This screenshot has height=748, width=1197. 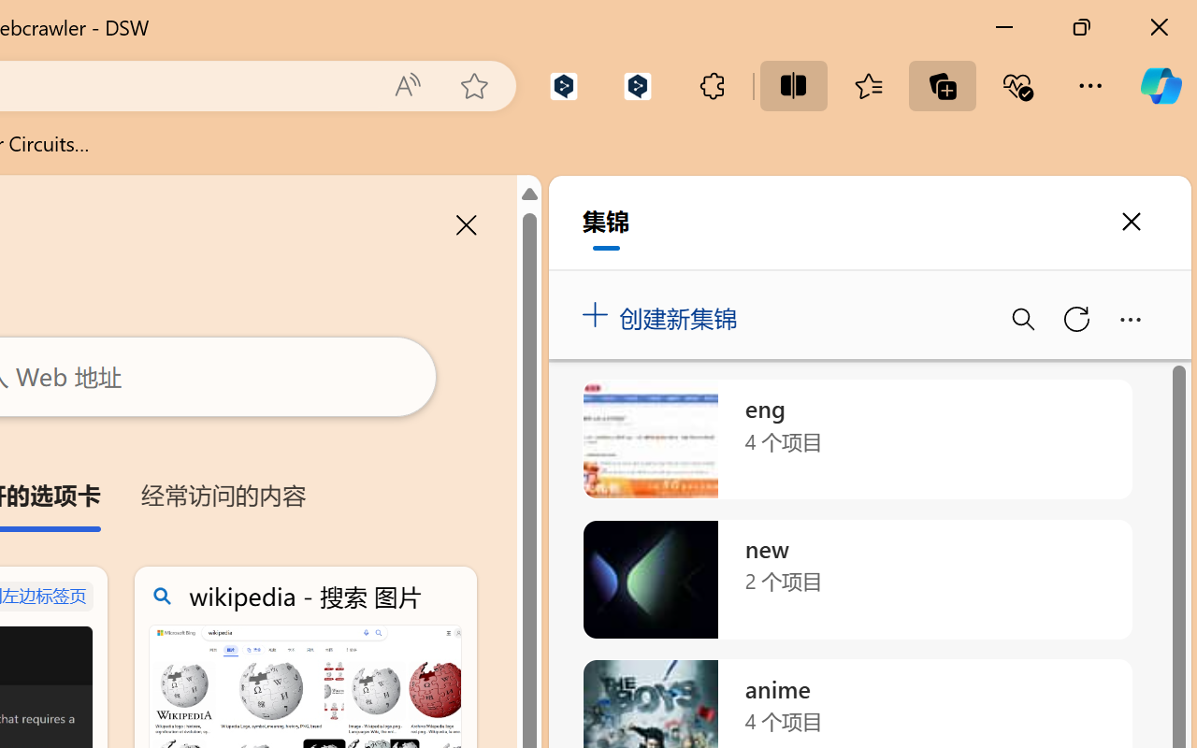 What do you see at coordinates (1160, 85) in the screenshot?
I see `'Copilot (Ctrl+Shift+.)'` at bounding box center [1160, 85].